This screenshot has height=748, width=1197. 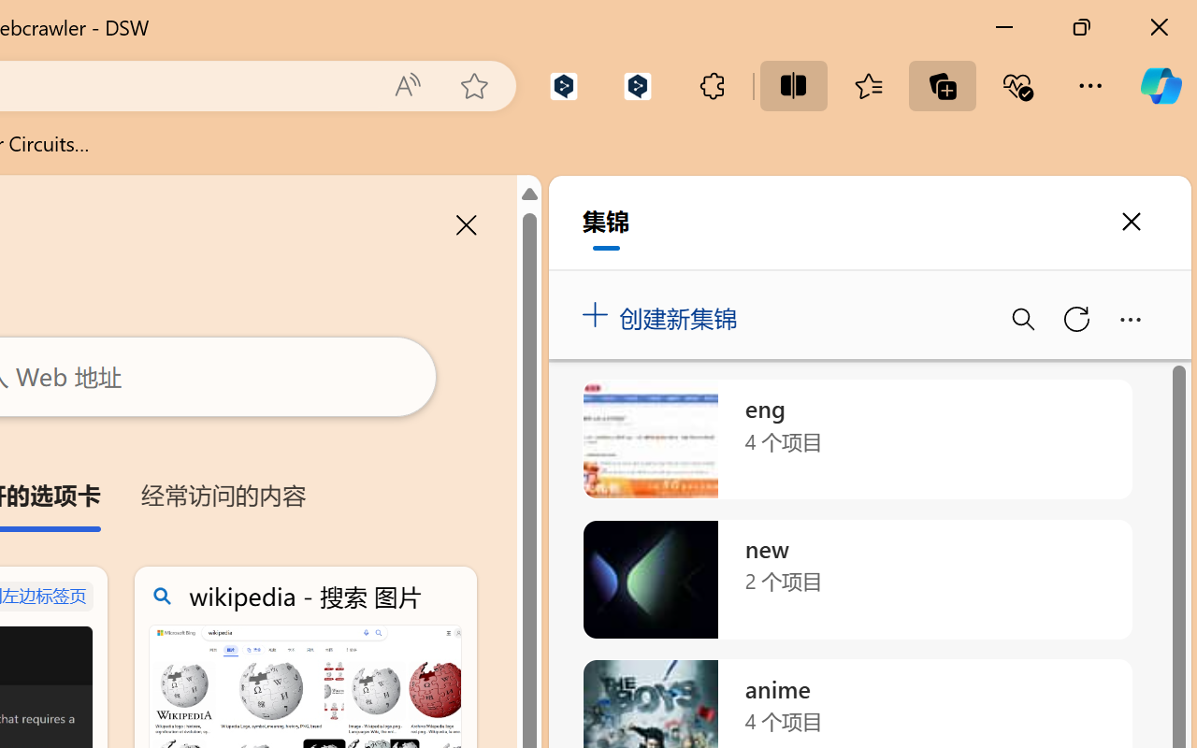 What do you see at coordinates (1160, 85) in the screenshot?
I see `'Copilot (Ctrl+Shift+.)'` at bounding box center [1160, 85].